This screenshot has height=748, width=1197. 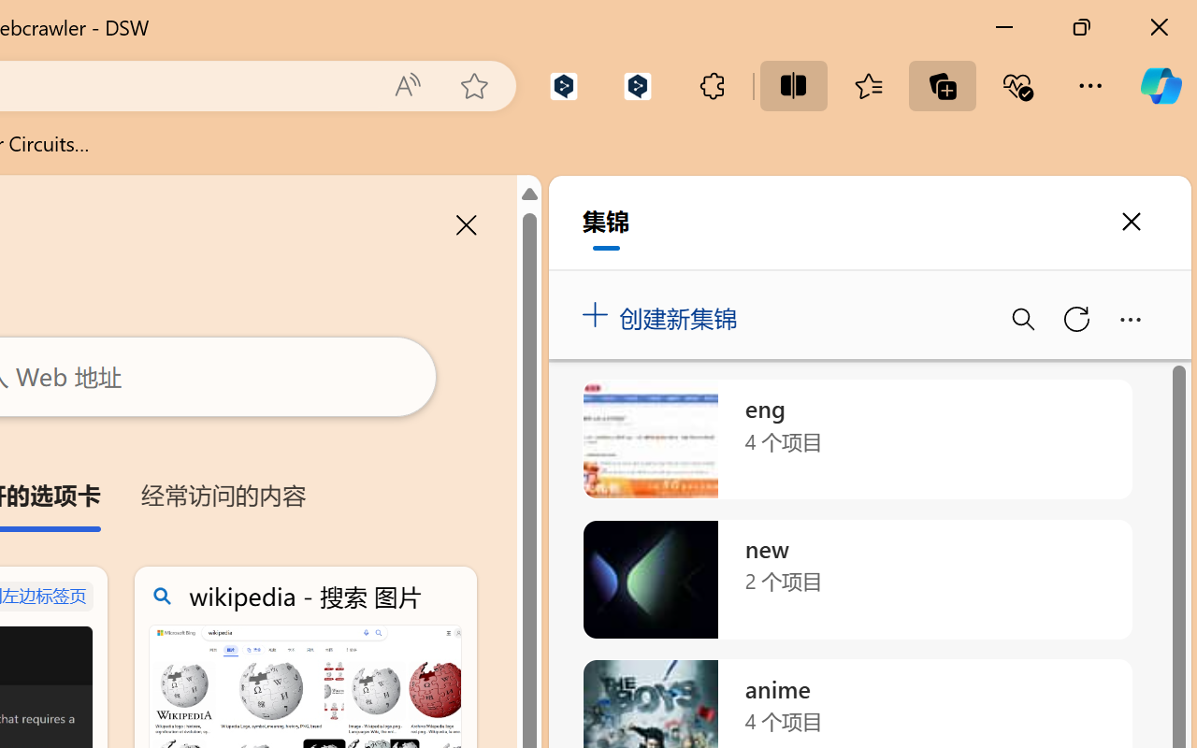 What do you see at coordinates (1160, 85) in the screenshot?
I see `'Copilot (Ctrl+Shift+.)'` at bounding box center [1160, 85].